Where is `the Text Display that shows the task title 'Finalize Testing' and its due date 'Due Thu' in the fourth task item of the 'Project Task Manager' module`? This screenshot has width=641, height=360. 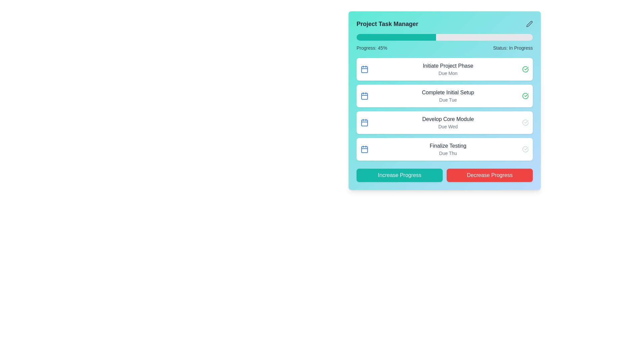 the Text Display that shows the task title 'Finalize Testing' and its due date 'Due Thu' in the fourth task item of the 'Project Task Manager' module is located at coordinates (448, 149).